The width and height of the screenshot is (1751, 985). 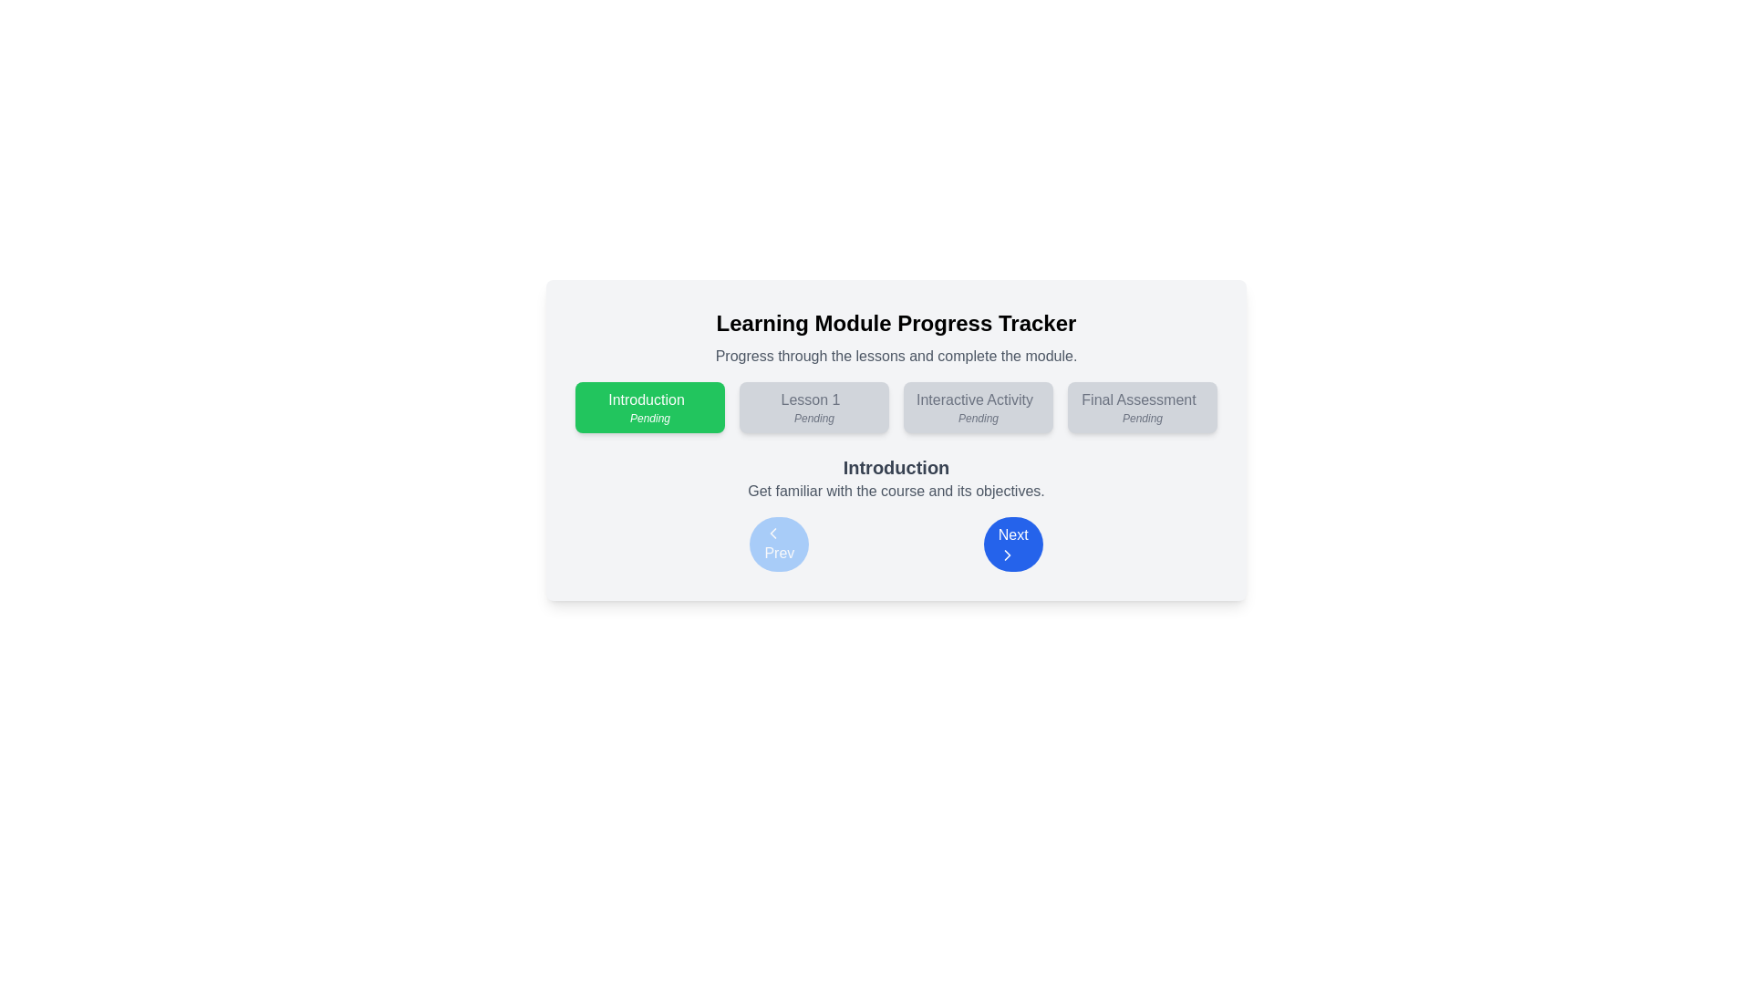 What do you see at coordinates (650, 407) in the screenshot?
I see `the green rectangular button labeled 'Introduction' with a smaller italicized label 'Pending'` at bounding box center [650, 407].